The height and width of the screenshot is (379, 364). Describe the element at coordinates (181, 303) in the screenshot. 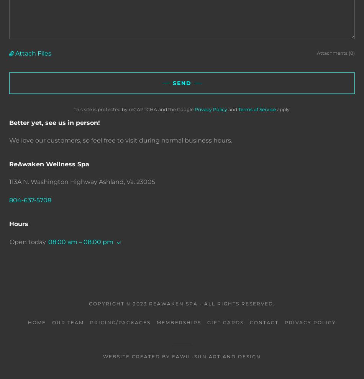

I see `'Copyright © 2023 ReAwaken Spa - All Rights Reserved.'` at that location.